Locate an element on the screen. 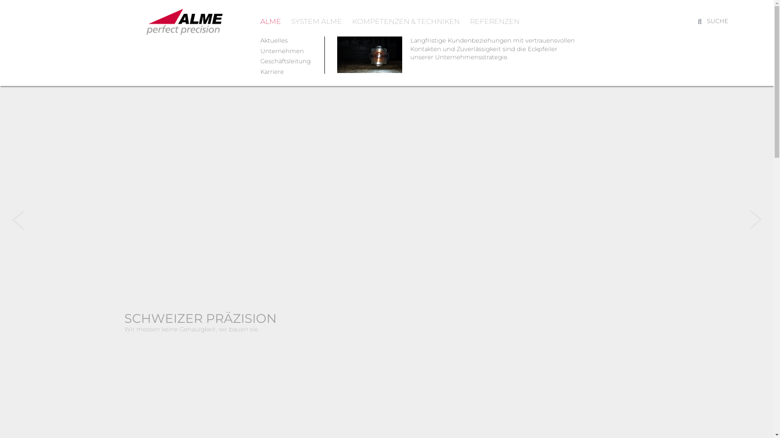 Image resolution: width=780 pixels, height=438 pixels. 'REFERENZEN' is located at coordinates (494, 21).